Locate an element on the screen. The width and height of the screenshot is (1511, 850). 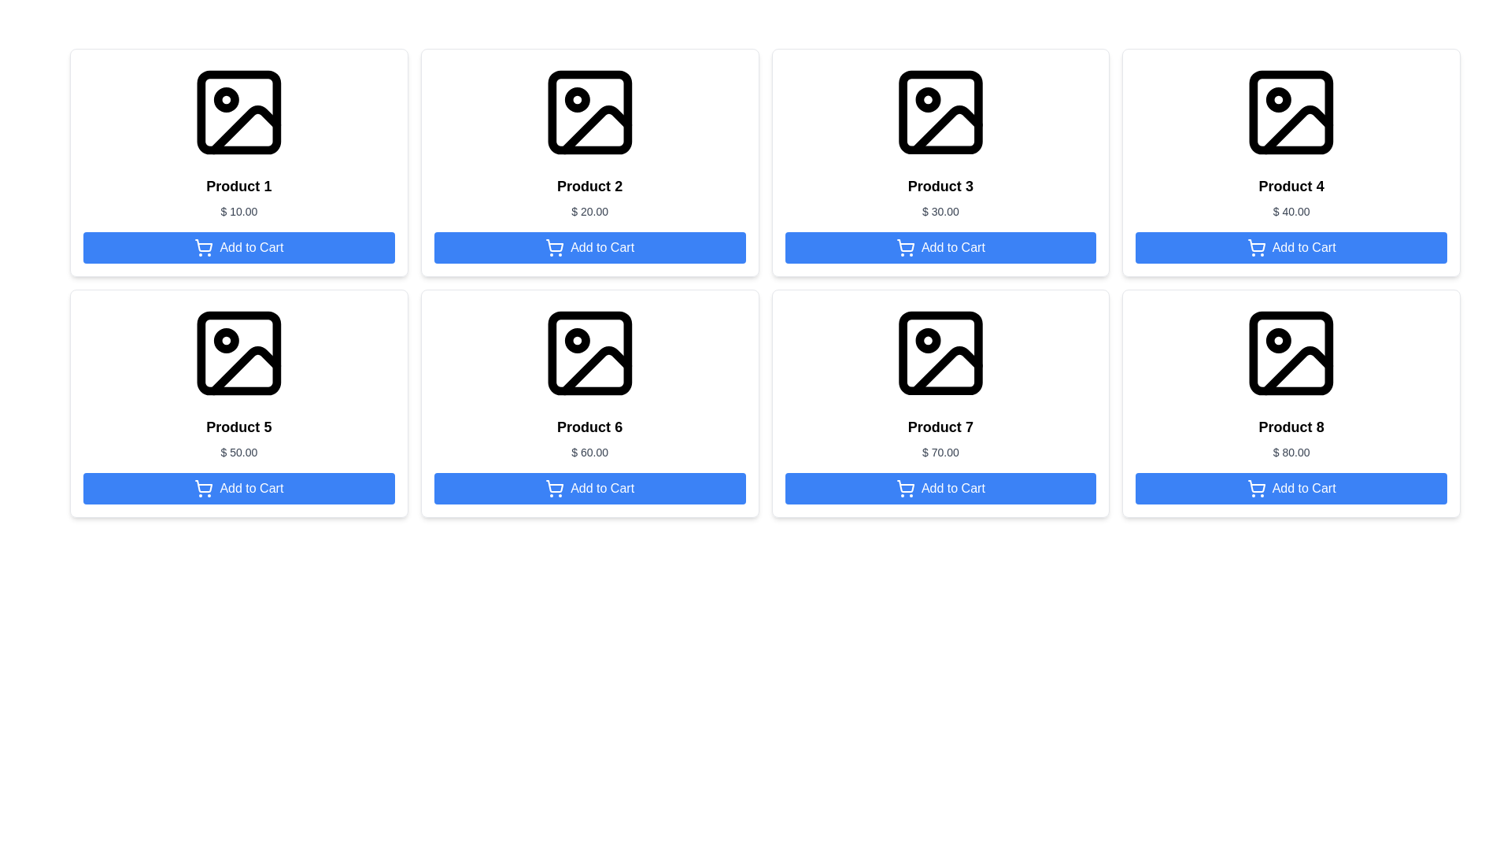
the 'Add to Cart' icon located in the sixth product card, which is part of a grid layout in the second row and second column is located at coordinates (555, 488).